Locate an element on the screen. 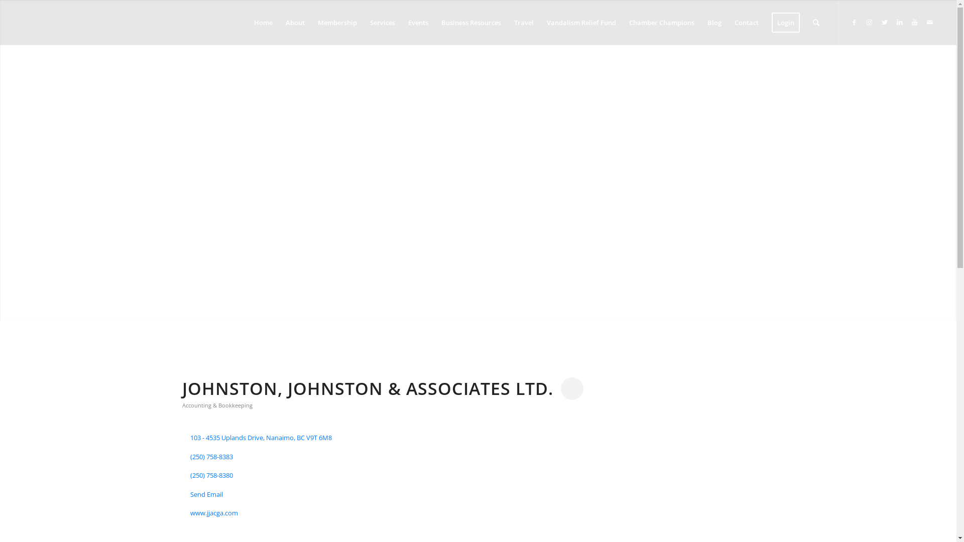  'Services' is located at coordinates (363, 23).